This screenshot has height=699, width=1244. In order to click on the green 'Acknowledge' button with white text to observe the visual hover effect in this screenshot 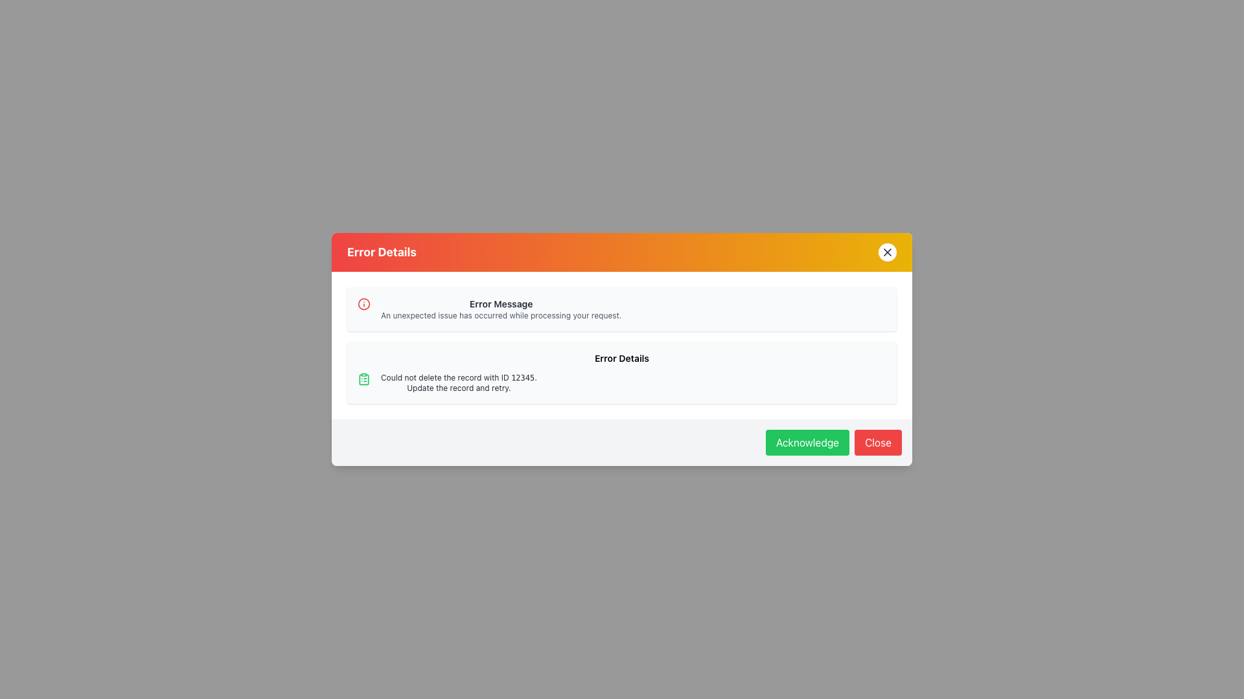, I will do `click(807, 441)`.